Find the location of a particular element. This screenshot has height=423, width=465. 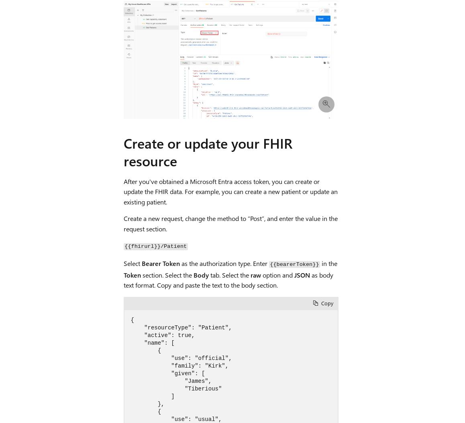

'{{fhirurl}}/Patient' is located at coordinates (155, 246).